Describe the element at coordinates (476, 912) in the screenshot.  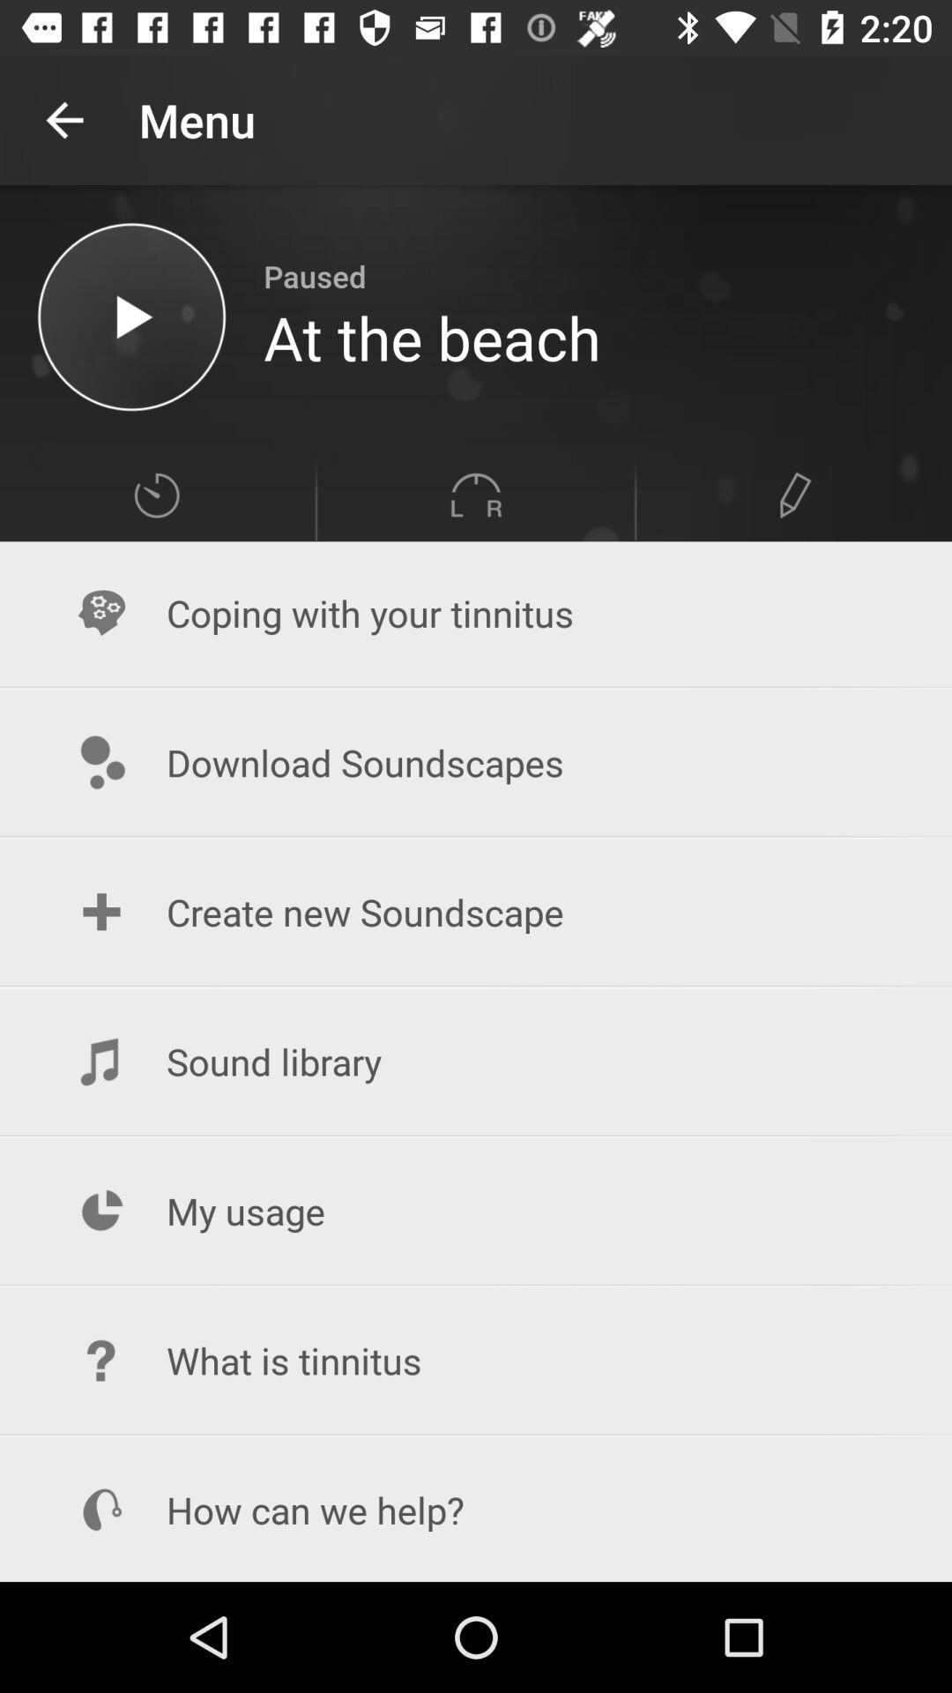
I see `item above the sound library` at that location.